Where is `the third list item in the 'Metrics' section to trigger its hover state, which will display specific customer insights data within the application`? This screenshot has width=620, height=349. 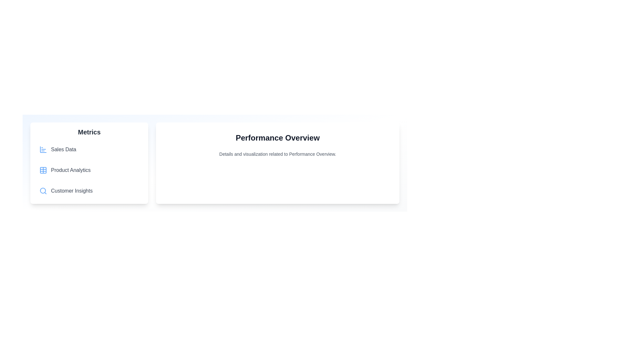 the third list item in the 'Metrics' section to trigger its hover state, which will display specific customer insights data within the application is located at coordinates (89, 190).